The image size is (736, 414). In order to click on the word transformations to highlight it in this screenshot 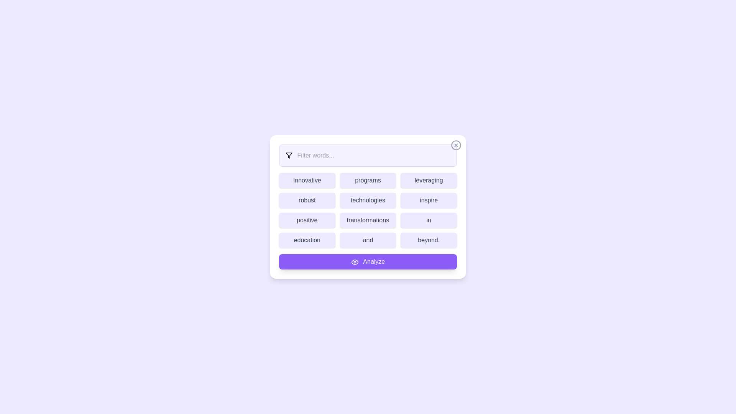, I will do `click(368, 220)`.